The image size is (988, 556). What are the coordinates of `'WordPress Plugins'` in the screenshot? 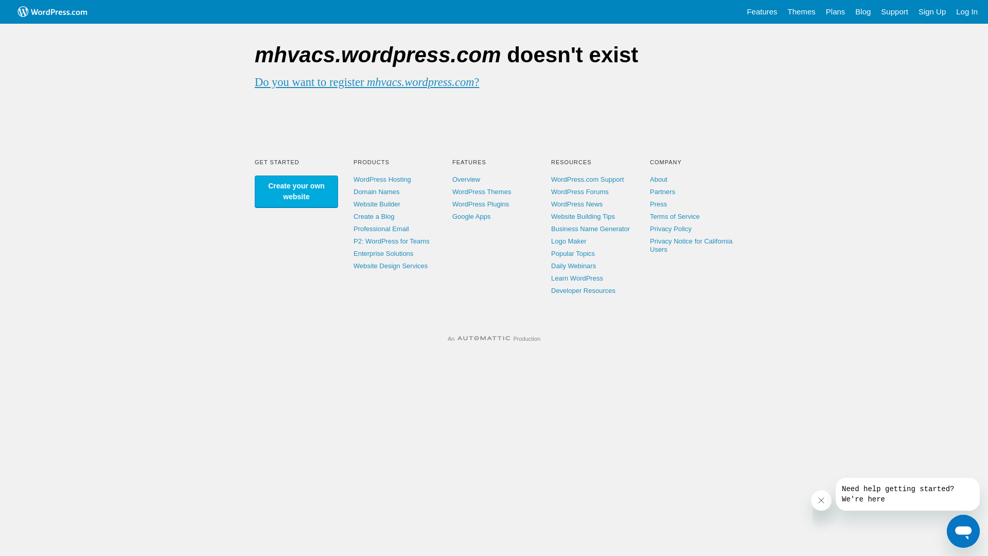 It's located at (480, 204).